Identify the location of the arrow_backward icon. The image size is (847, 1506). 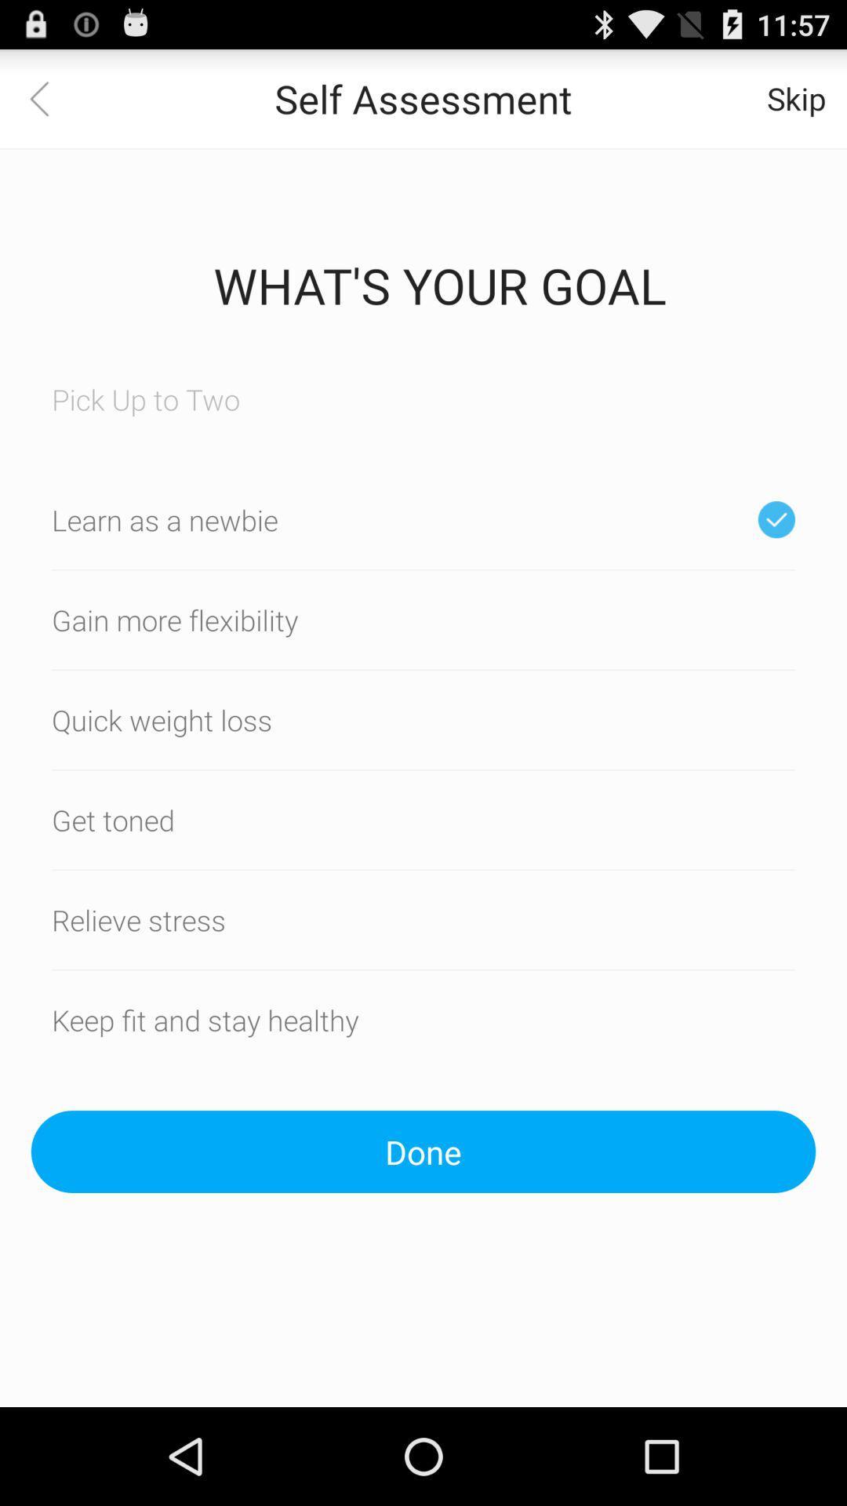
(48, 104).